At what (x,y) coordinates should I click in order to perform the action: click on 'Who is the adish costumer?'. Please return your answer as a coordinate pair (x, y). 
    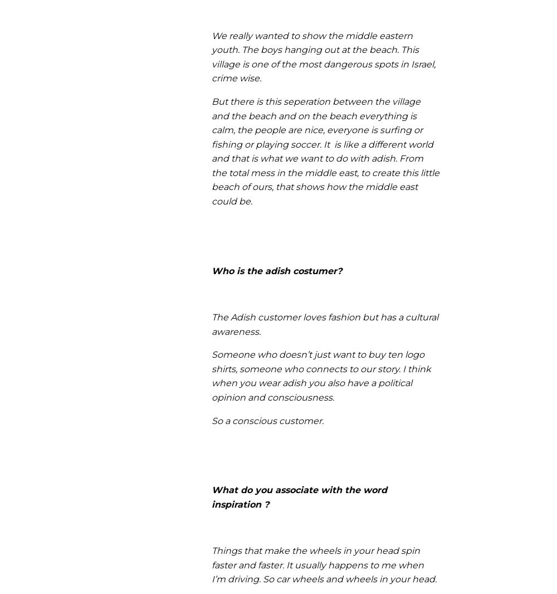
    Looking at the image, I should click on (276, 270).